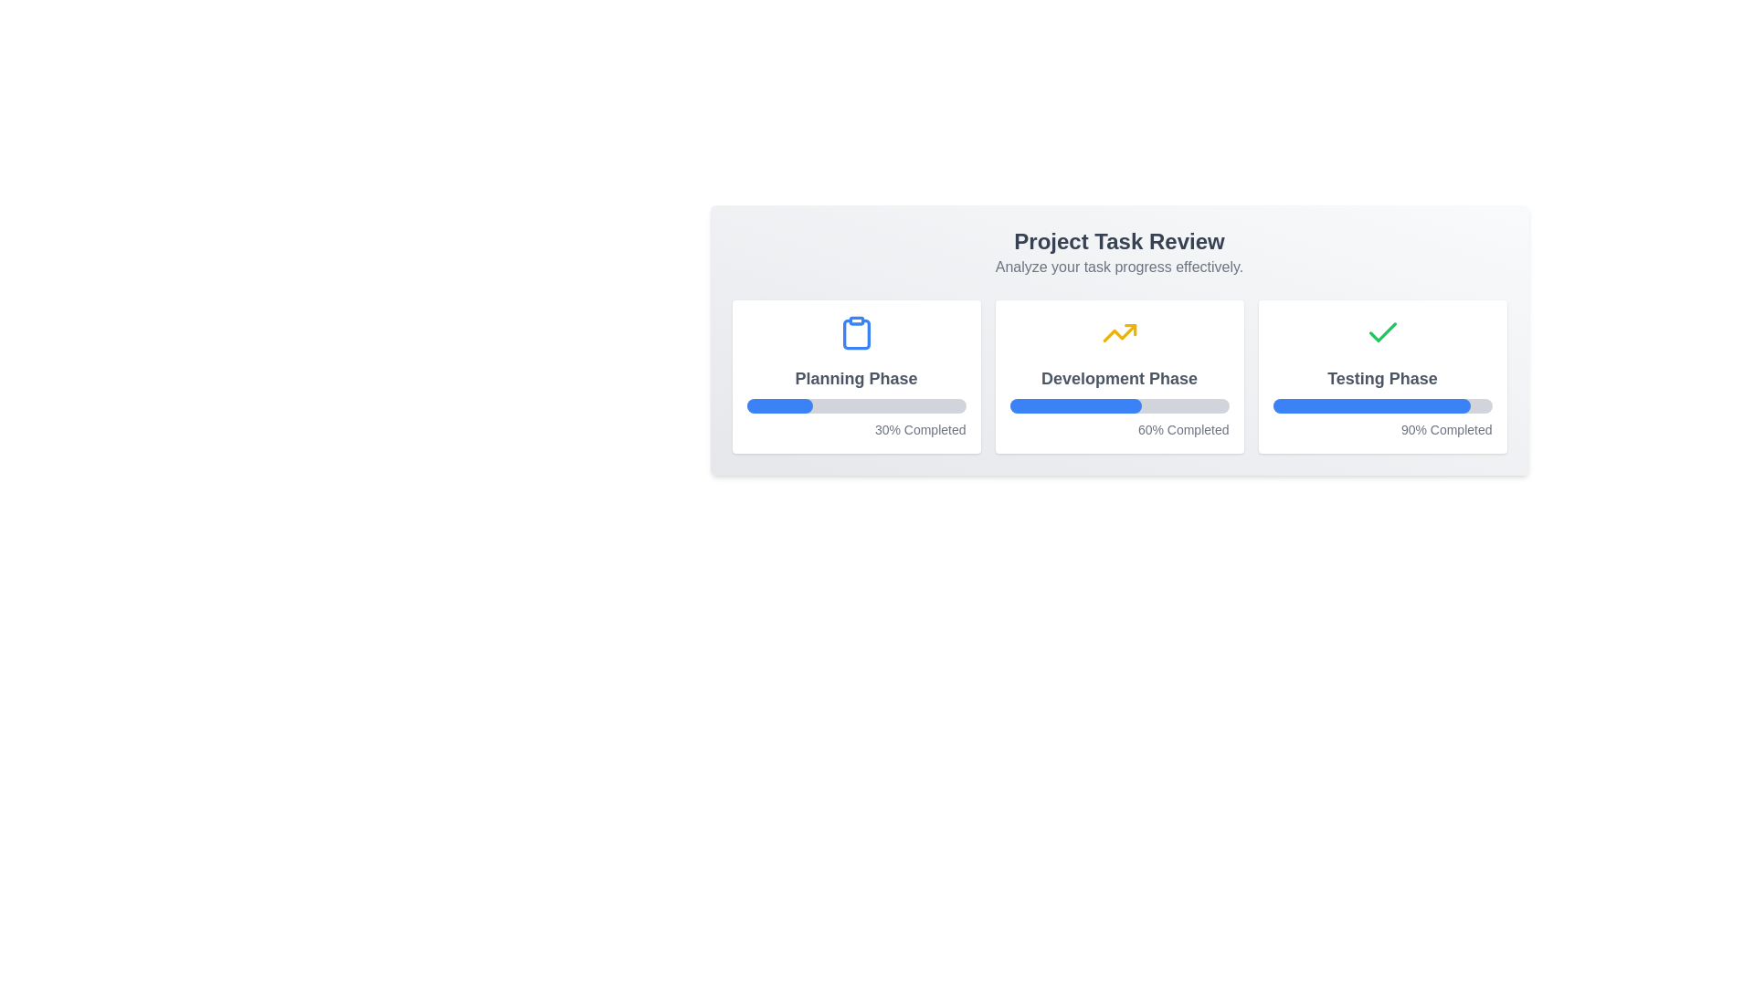 The image size is (1754, 986). I want to click on the progress visually by focusing on the leftmost portion of the progress indicator bar for the 'Planning Phase' task, which represents 30% completion, so click(779, 404).